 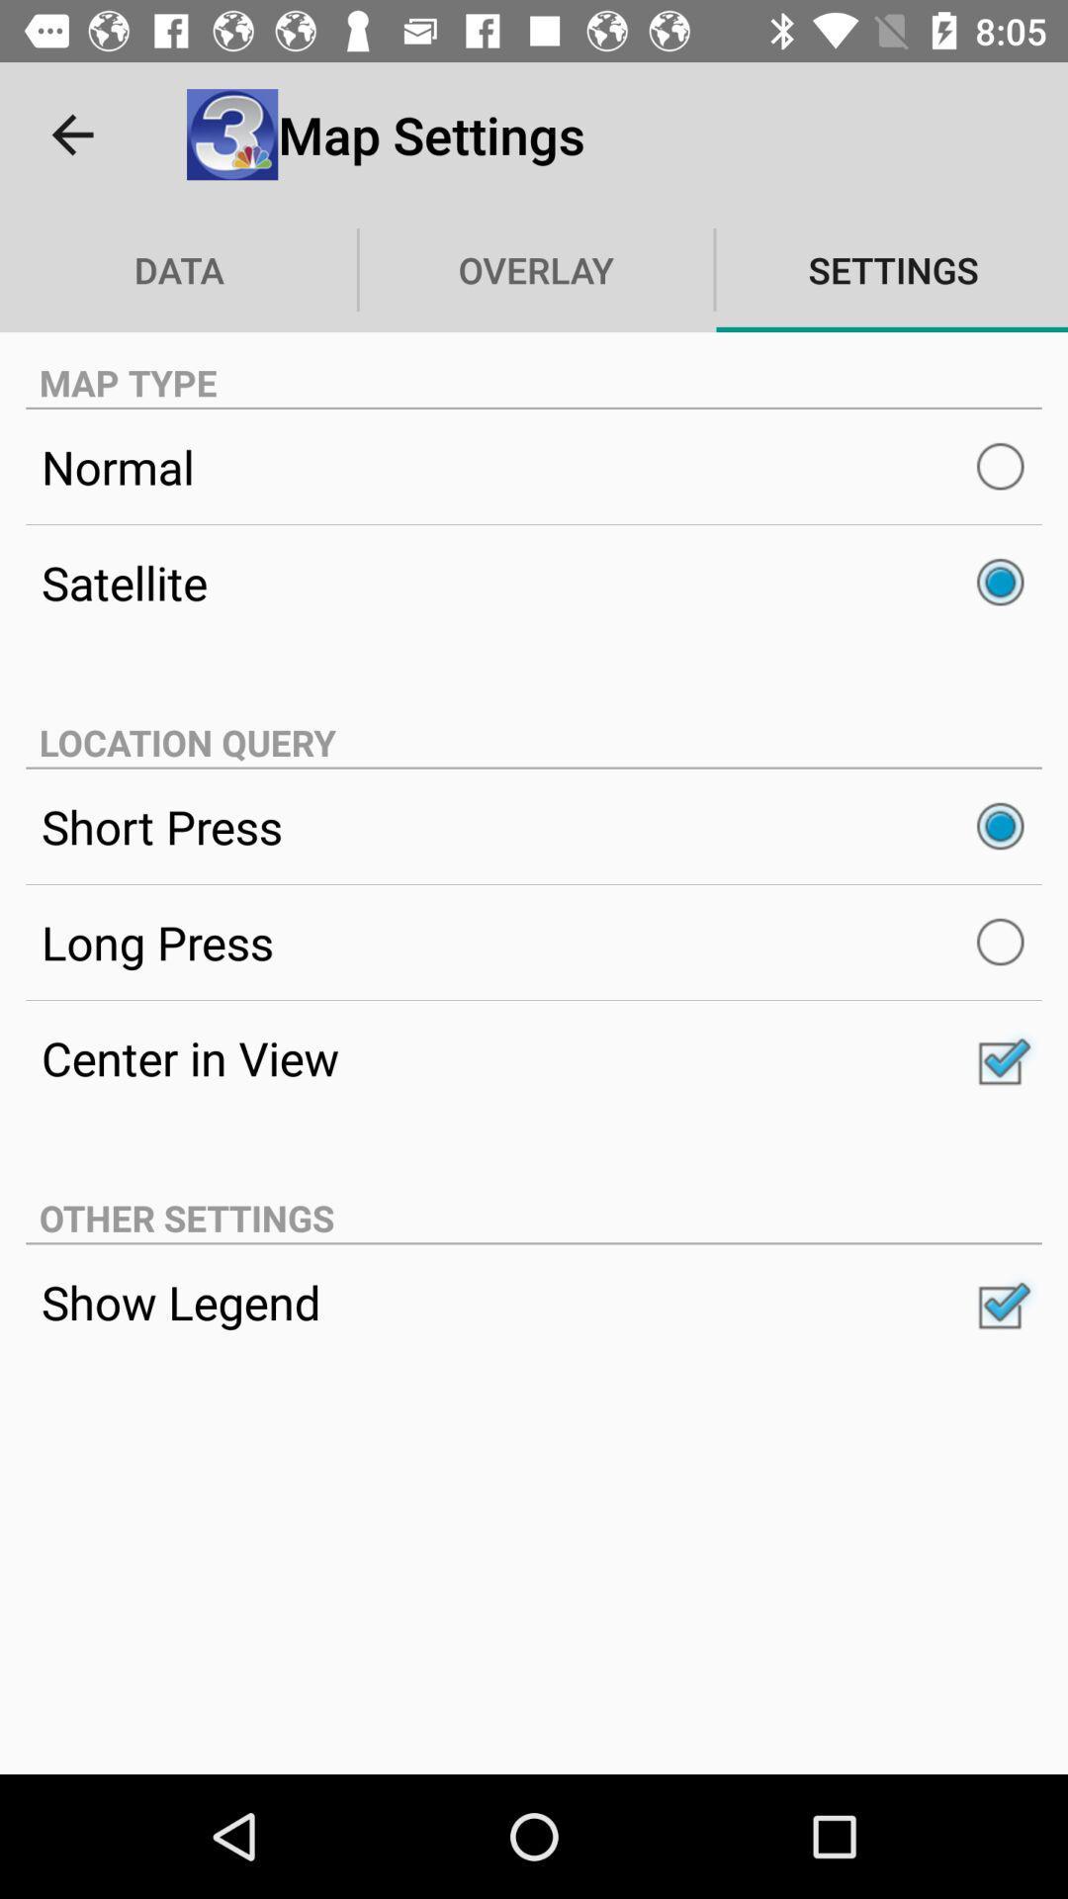 I want to click on the normal icon, so click(x=534, y=466).